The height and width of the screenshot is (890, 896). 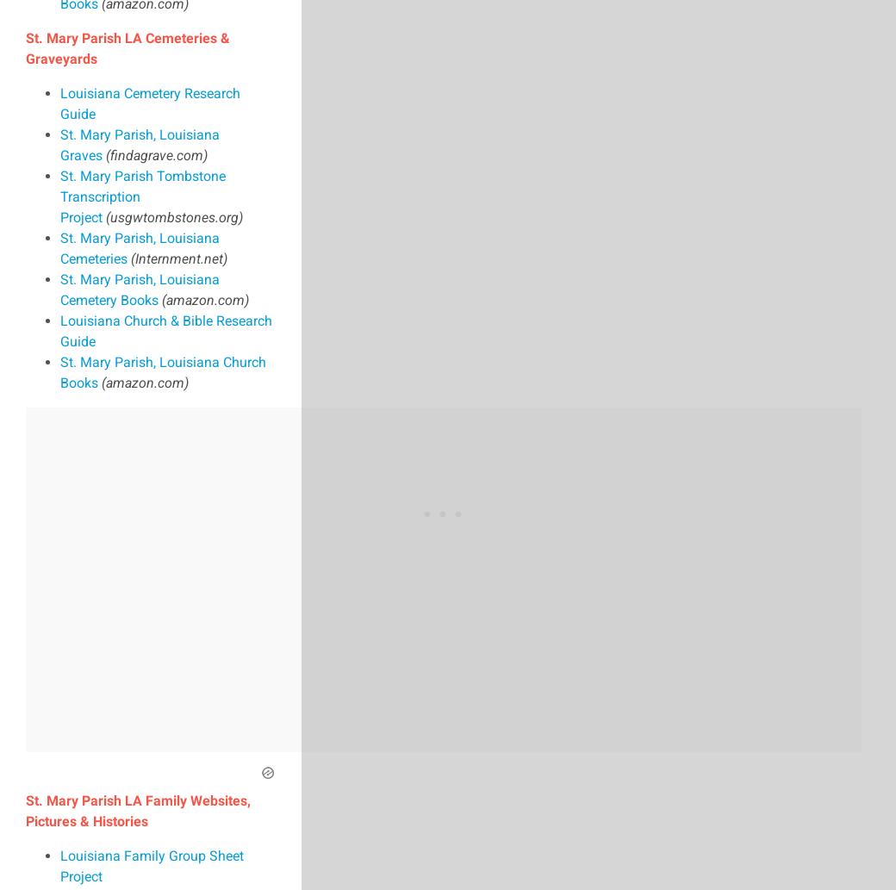 I want to click on 'St. Mary Parish LA Family Websites, Pictures & Histories', so click(x=138, y=809).